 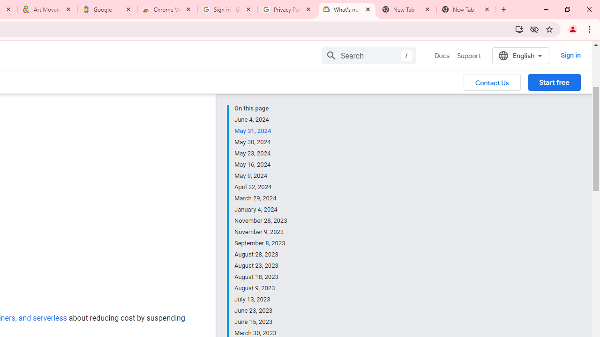 I want to click on 'August 23, 2023', so click(x=261, y=266).